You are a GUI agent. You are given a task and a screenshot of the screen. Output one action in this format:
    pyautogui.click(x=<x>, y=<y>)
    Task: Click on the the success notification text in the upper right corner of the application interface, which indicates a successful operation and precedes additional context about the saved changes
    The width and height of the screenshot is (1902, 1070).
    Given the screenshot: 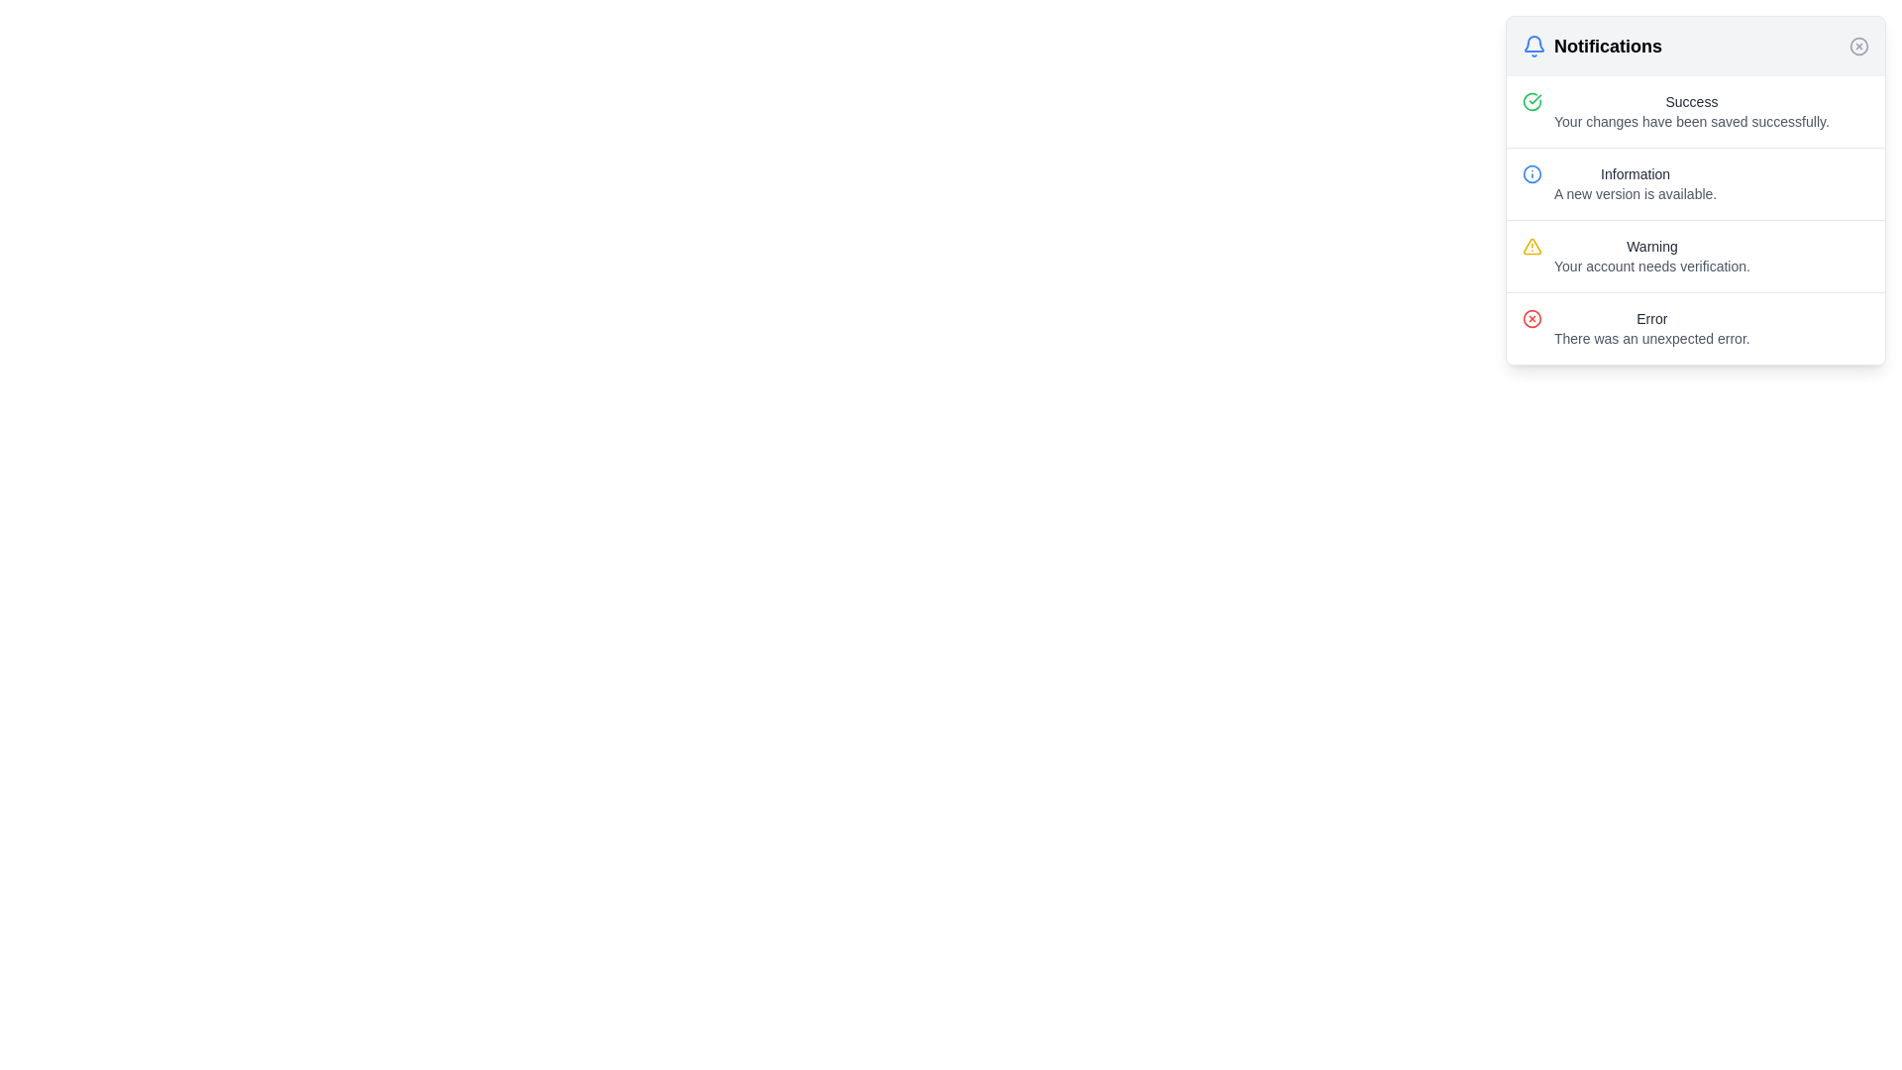 What is the action you would take?
    pyautogui.click(x=1690, y=102)
    